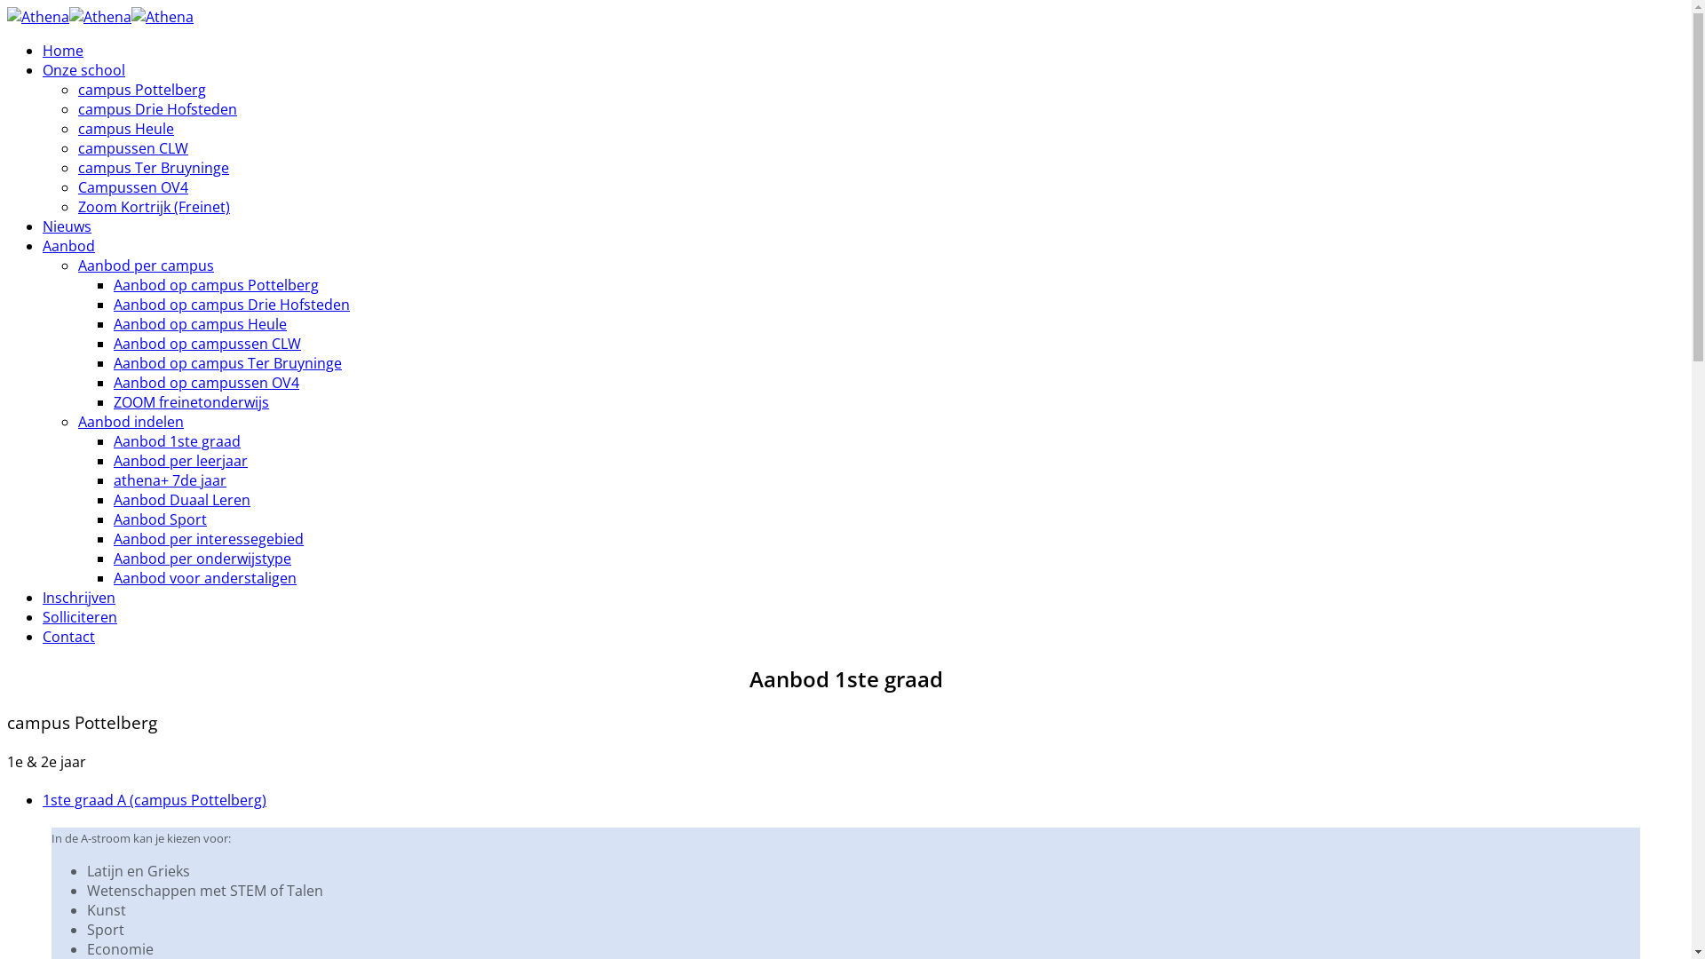 This screenshot has width=1705, height=959. What do you see at coordinates (154, 800) in the screenshot?
I see `'1ste graad A (campus Pottelberg)'` at bounding box center [154, 800].